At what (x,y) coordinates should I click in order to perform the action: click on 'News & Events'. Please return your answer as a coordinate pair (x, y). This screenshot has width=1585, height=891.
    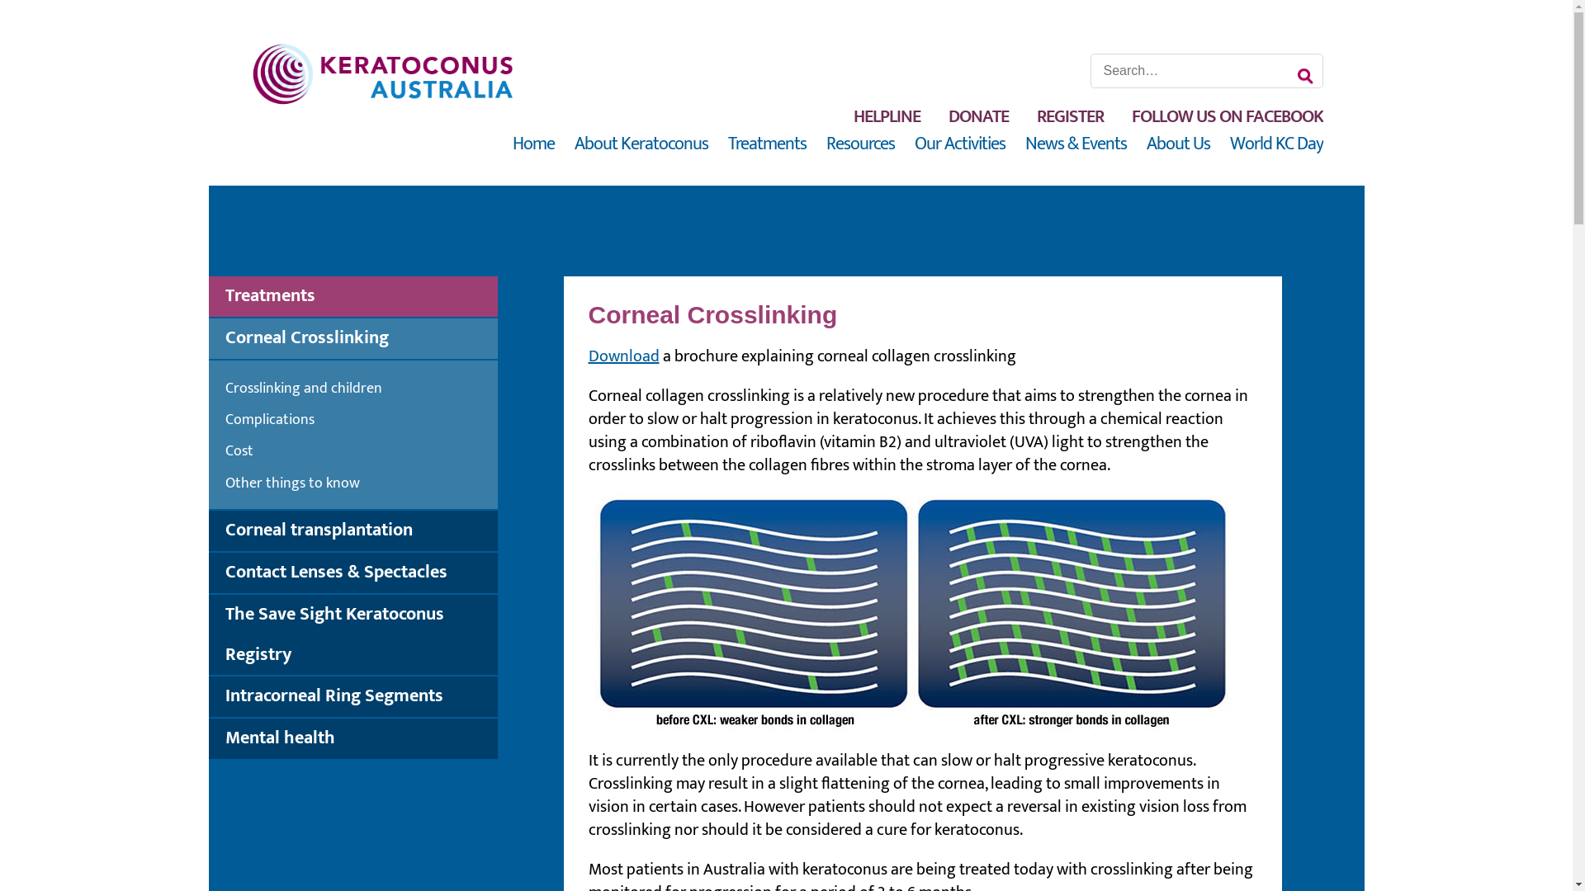
    Looking at the image, I should click on (1076, 143).